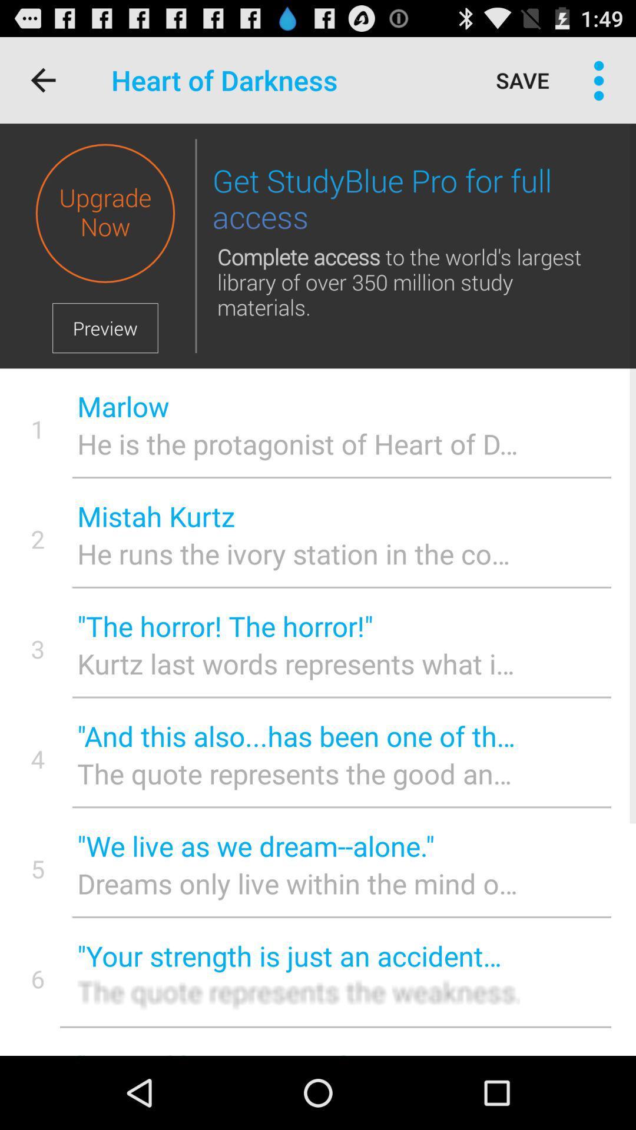 The image size is (636, 1130). Describe the element at coordinates (297, 735) in the screenshot. I see `and this also item` at that location.